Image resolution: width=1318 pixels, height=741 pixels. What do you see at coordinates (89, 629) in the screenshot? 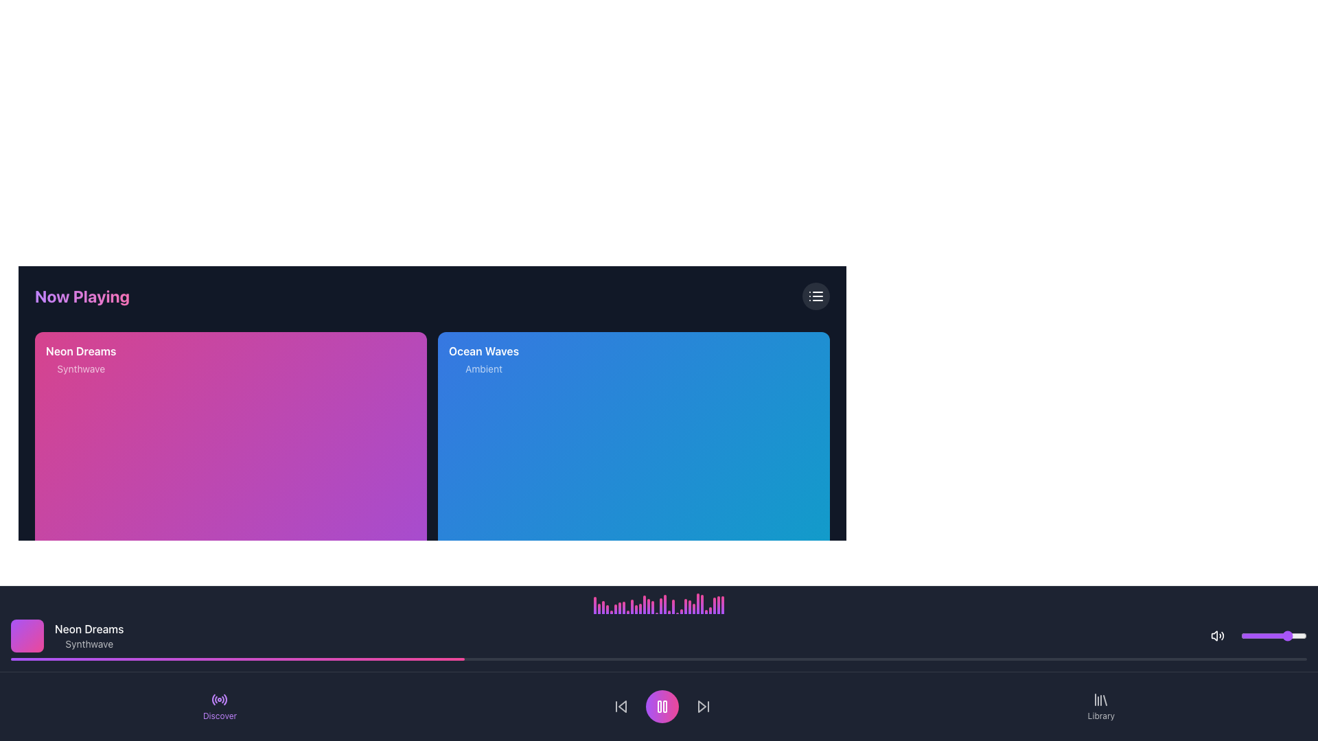
I see `the title text 'Neon Dreams', which is displayed in white on a dark background and positioned above the subtitle 'Synthwave' near a purple and pink gradient square thumbnail` at bounding box center [89, 629].